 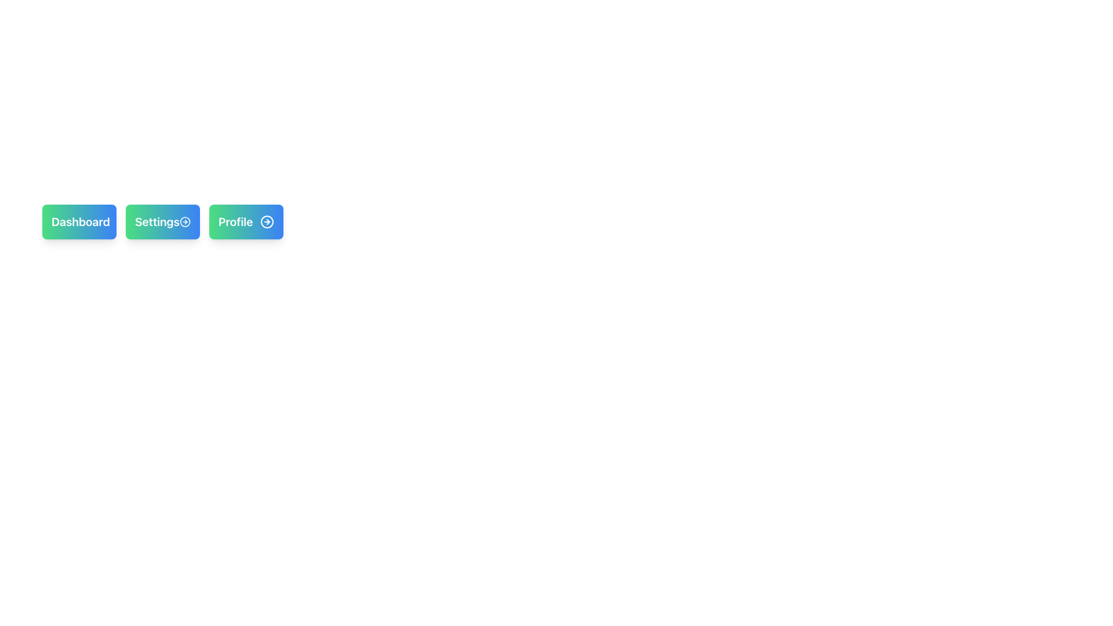 What do you see at coordinates (162, 221) in the screenshot?
I see `the 'Settings' button, which has a gradient background and contains bold white text and a circular arrow icon` at bounding box center [162, 221].